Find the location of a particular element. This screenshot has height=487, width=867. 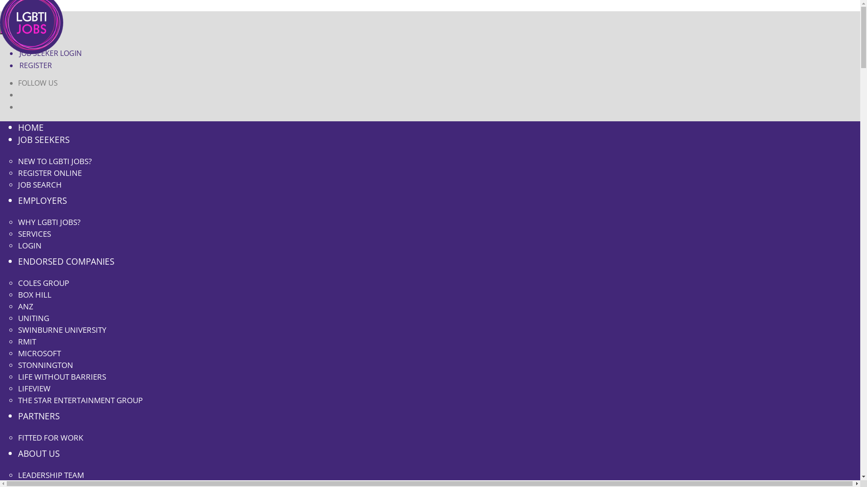

'NEW TO LGBTI JOBS?' is located at coordinates (18, 161).